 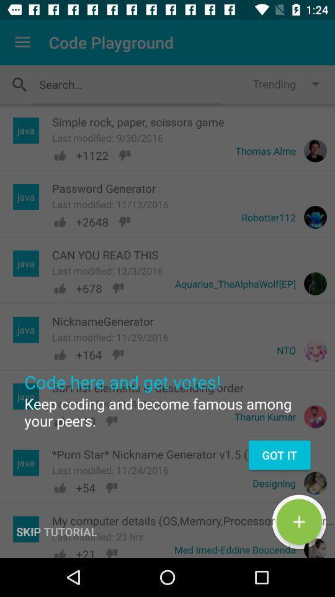 I want to click on the add icon, so click(x=298, y=522).